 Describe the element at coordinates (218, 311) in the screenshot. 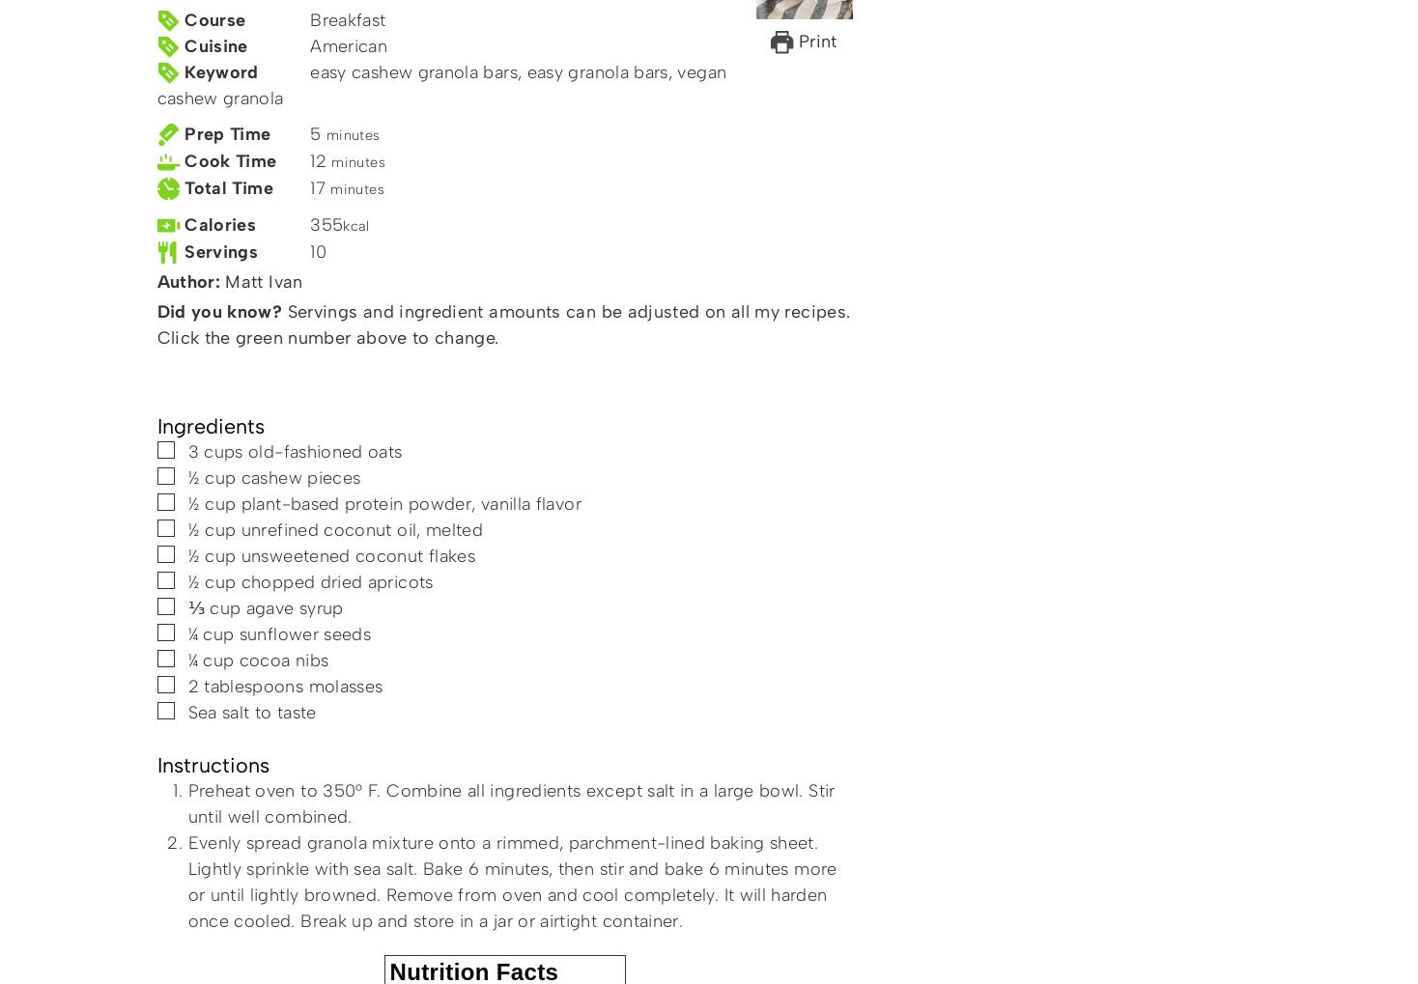

I see `'Did you know?'` at that location.